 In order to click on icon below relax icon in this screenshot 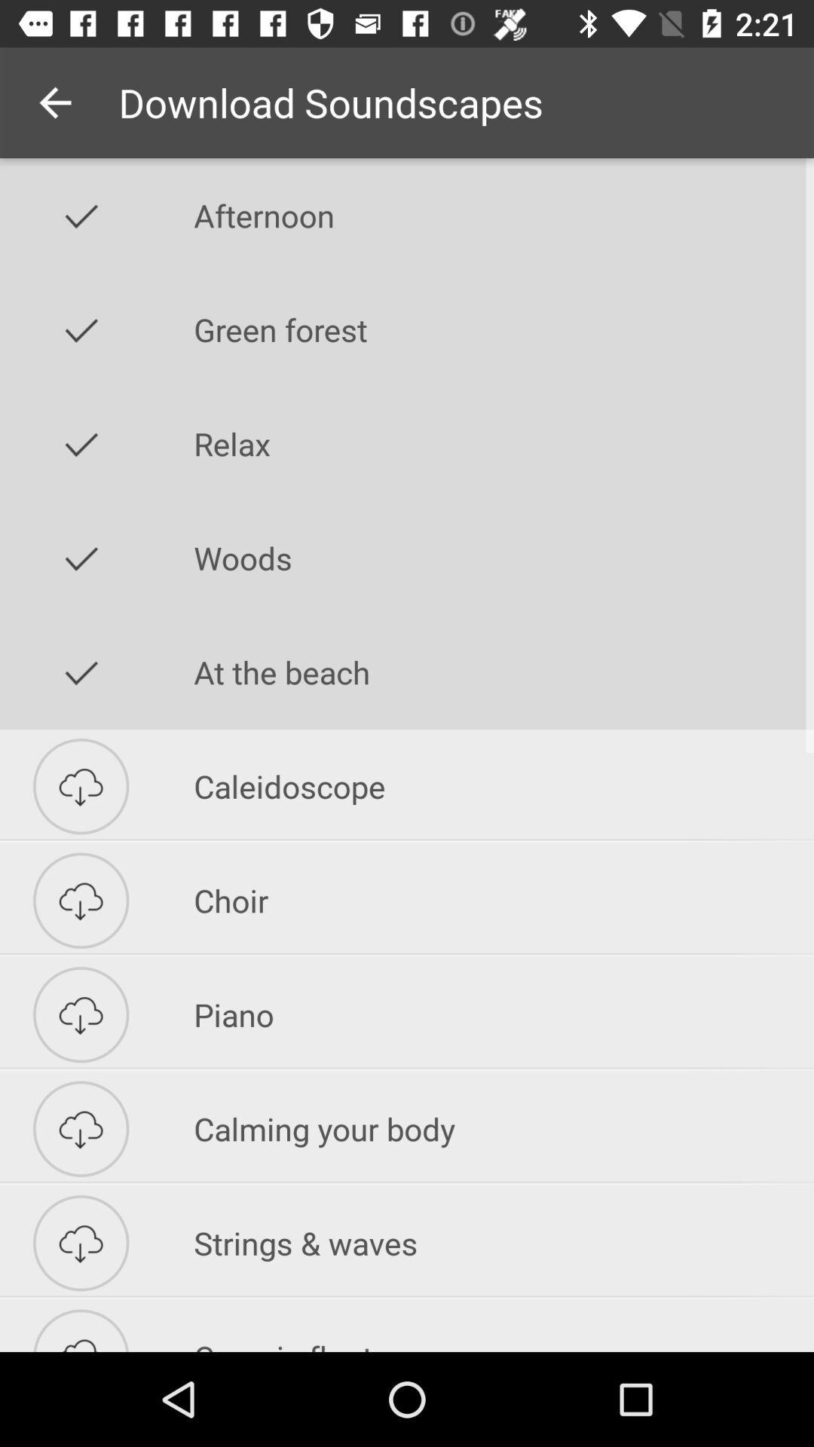, I will do `click(503, 557)`.